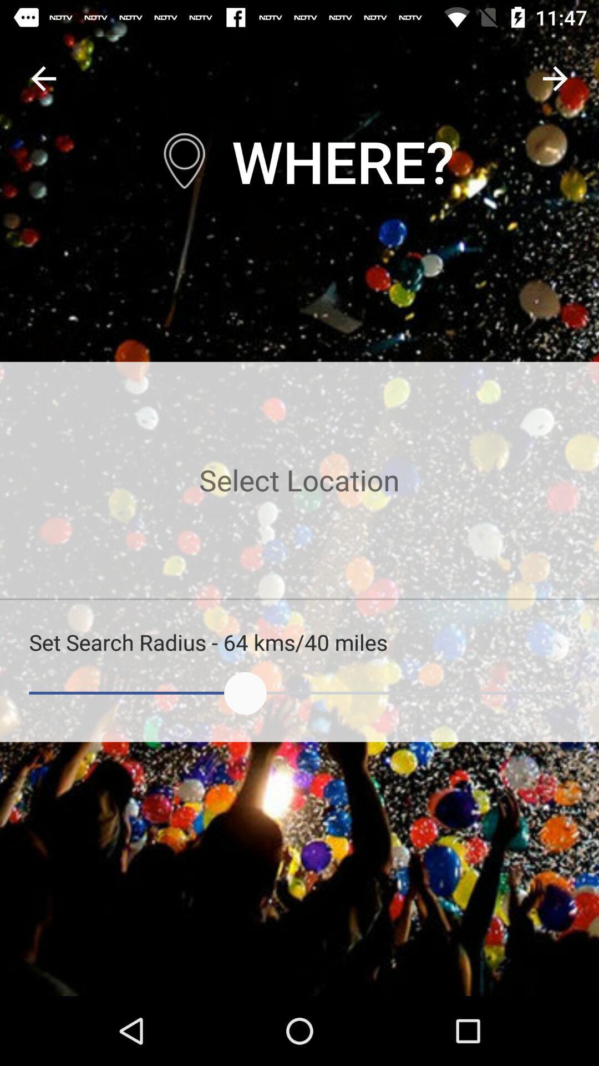 The width and height of the screenshot is (599, 1066). What do you see at coordinates (555, 78) in the screenshot?
I see `go forward` at bounding box center [555, 78].